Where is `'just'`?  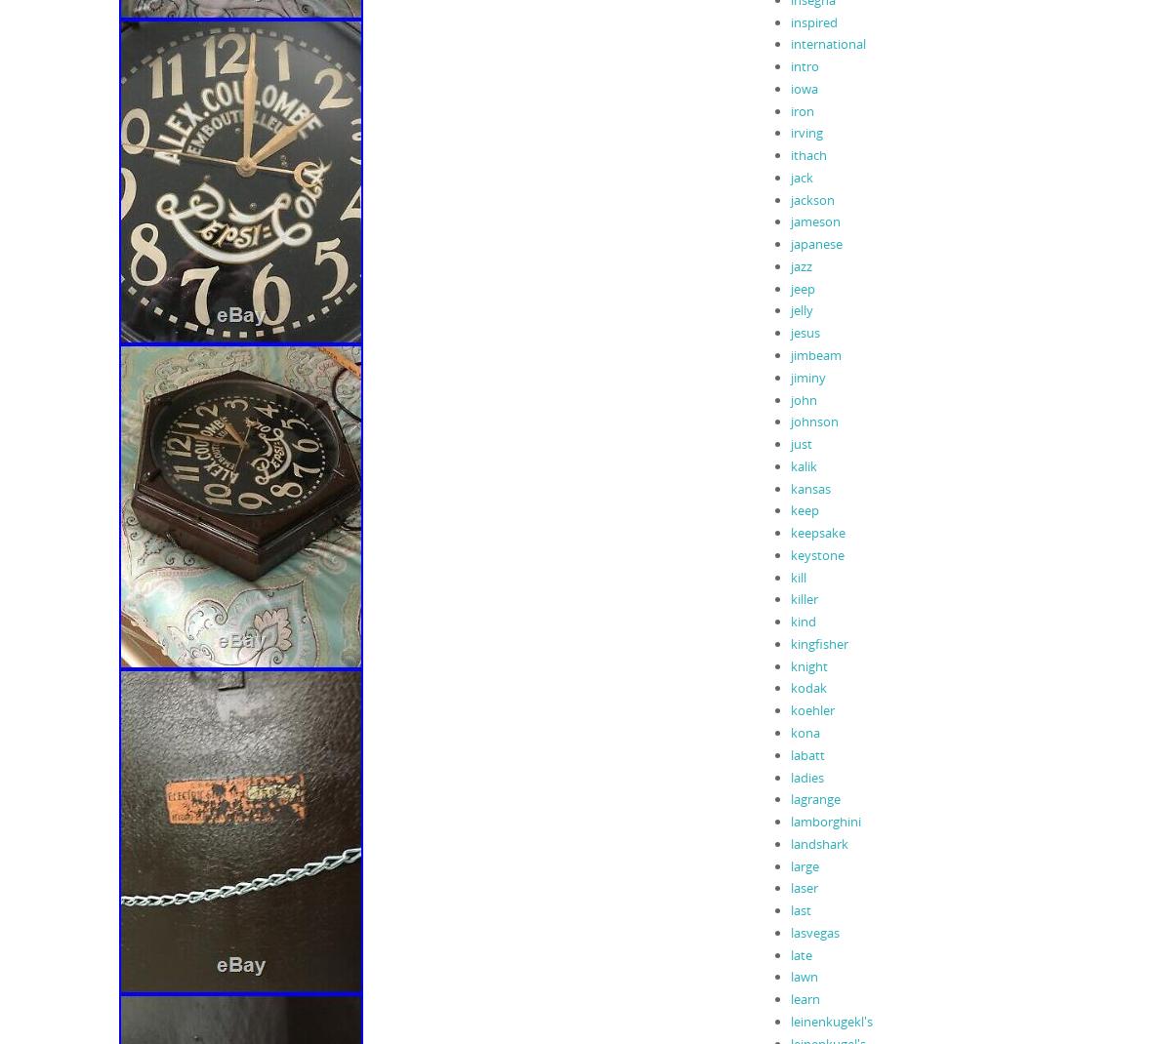 'just' is located at coordinates (801, 443).